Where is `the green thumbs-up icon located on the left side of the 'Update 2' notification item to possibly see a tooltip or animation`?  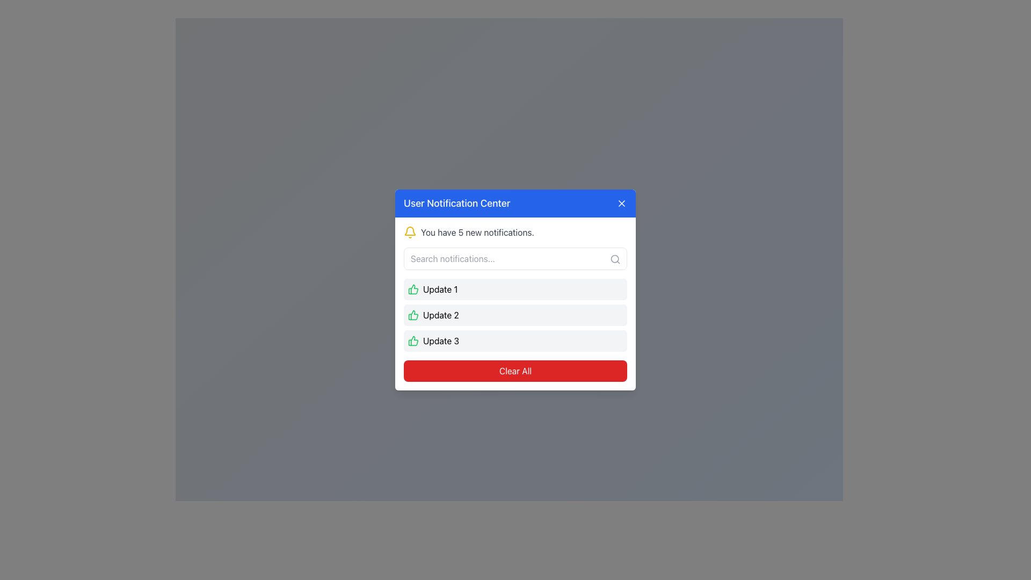 the green thumbs-up icon located on the left side of the 'Update 2' notification item to possibly see a tooltip or animation is located at coordinates (412, 314).